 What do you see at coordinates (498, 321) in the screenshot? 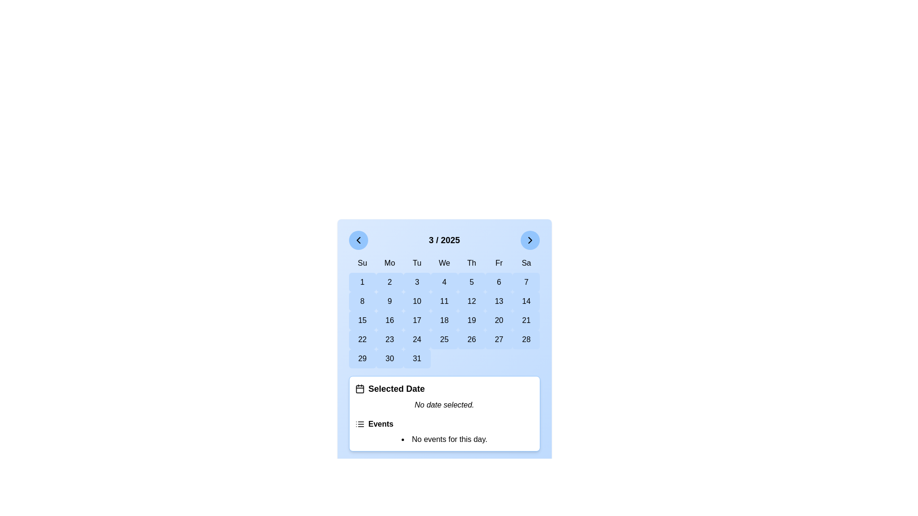
I see `the interactive calendar date field displaying the number '20', located in the sixth row and sixth column of the calendar grid, to trigger the hover effect` at bounding box center [498, 321].